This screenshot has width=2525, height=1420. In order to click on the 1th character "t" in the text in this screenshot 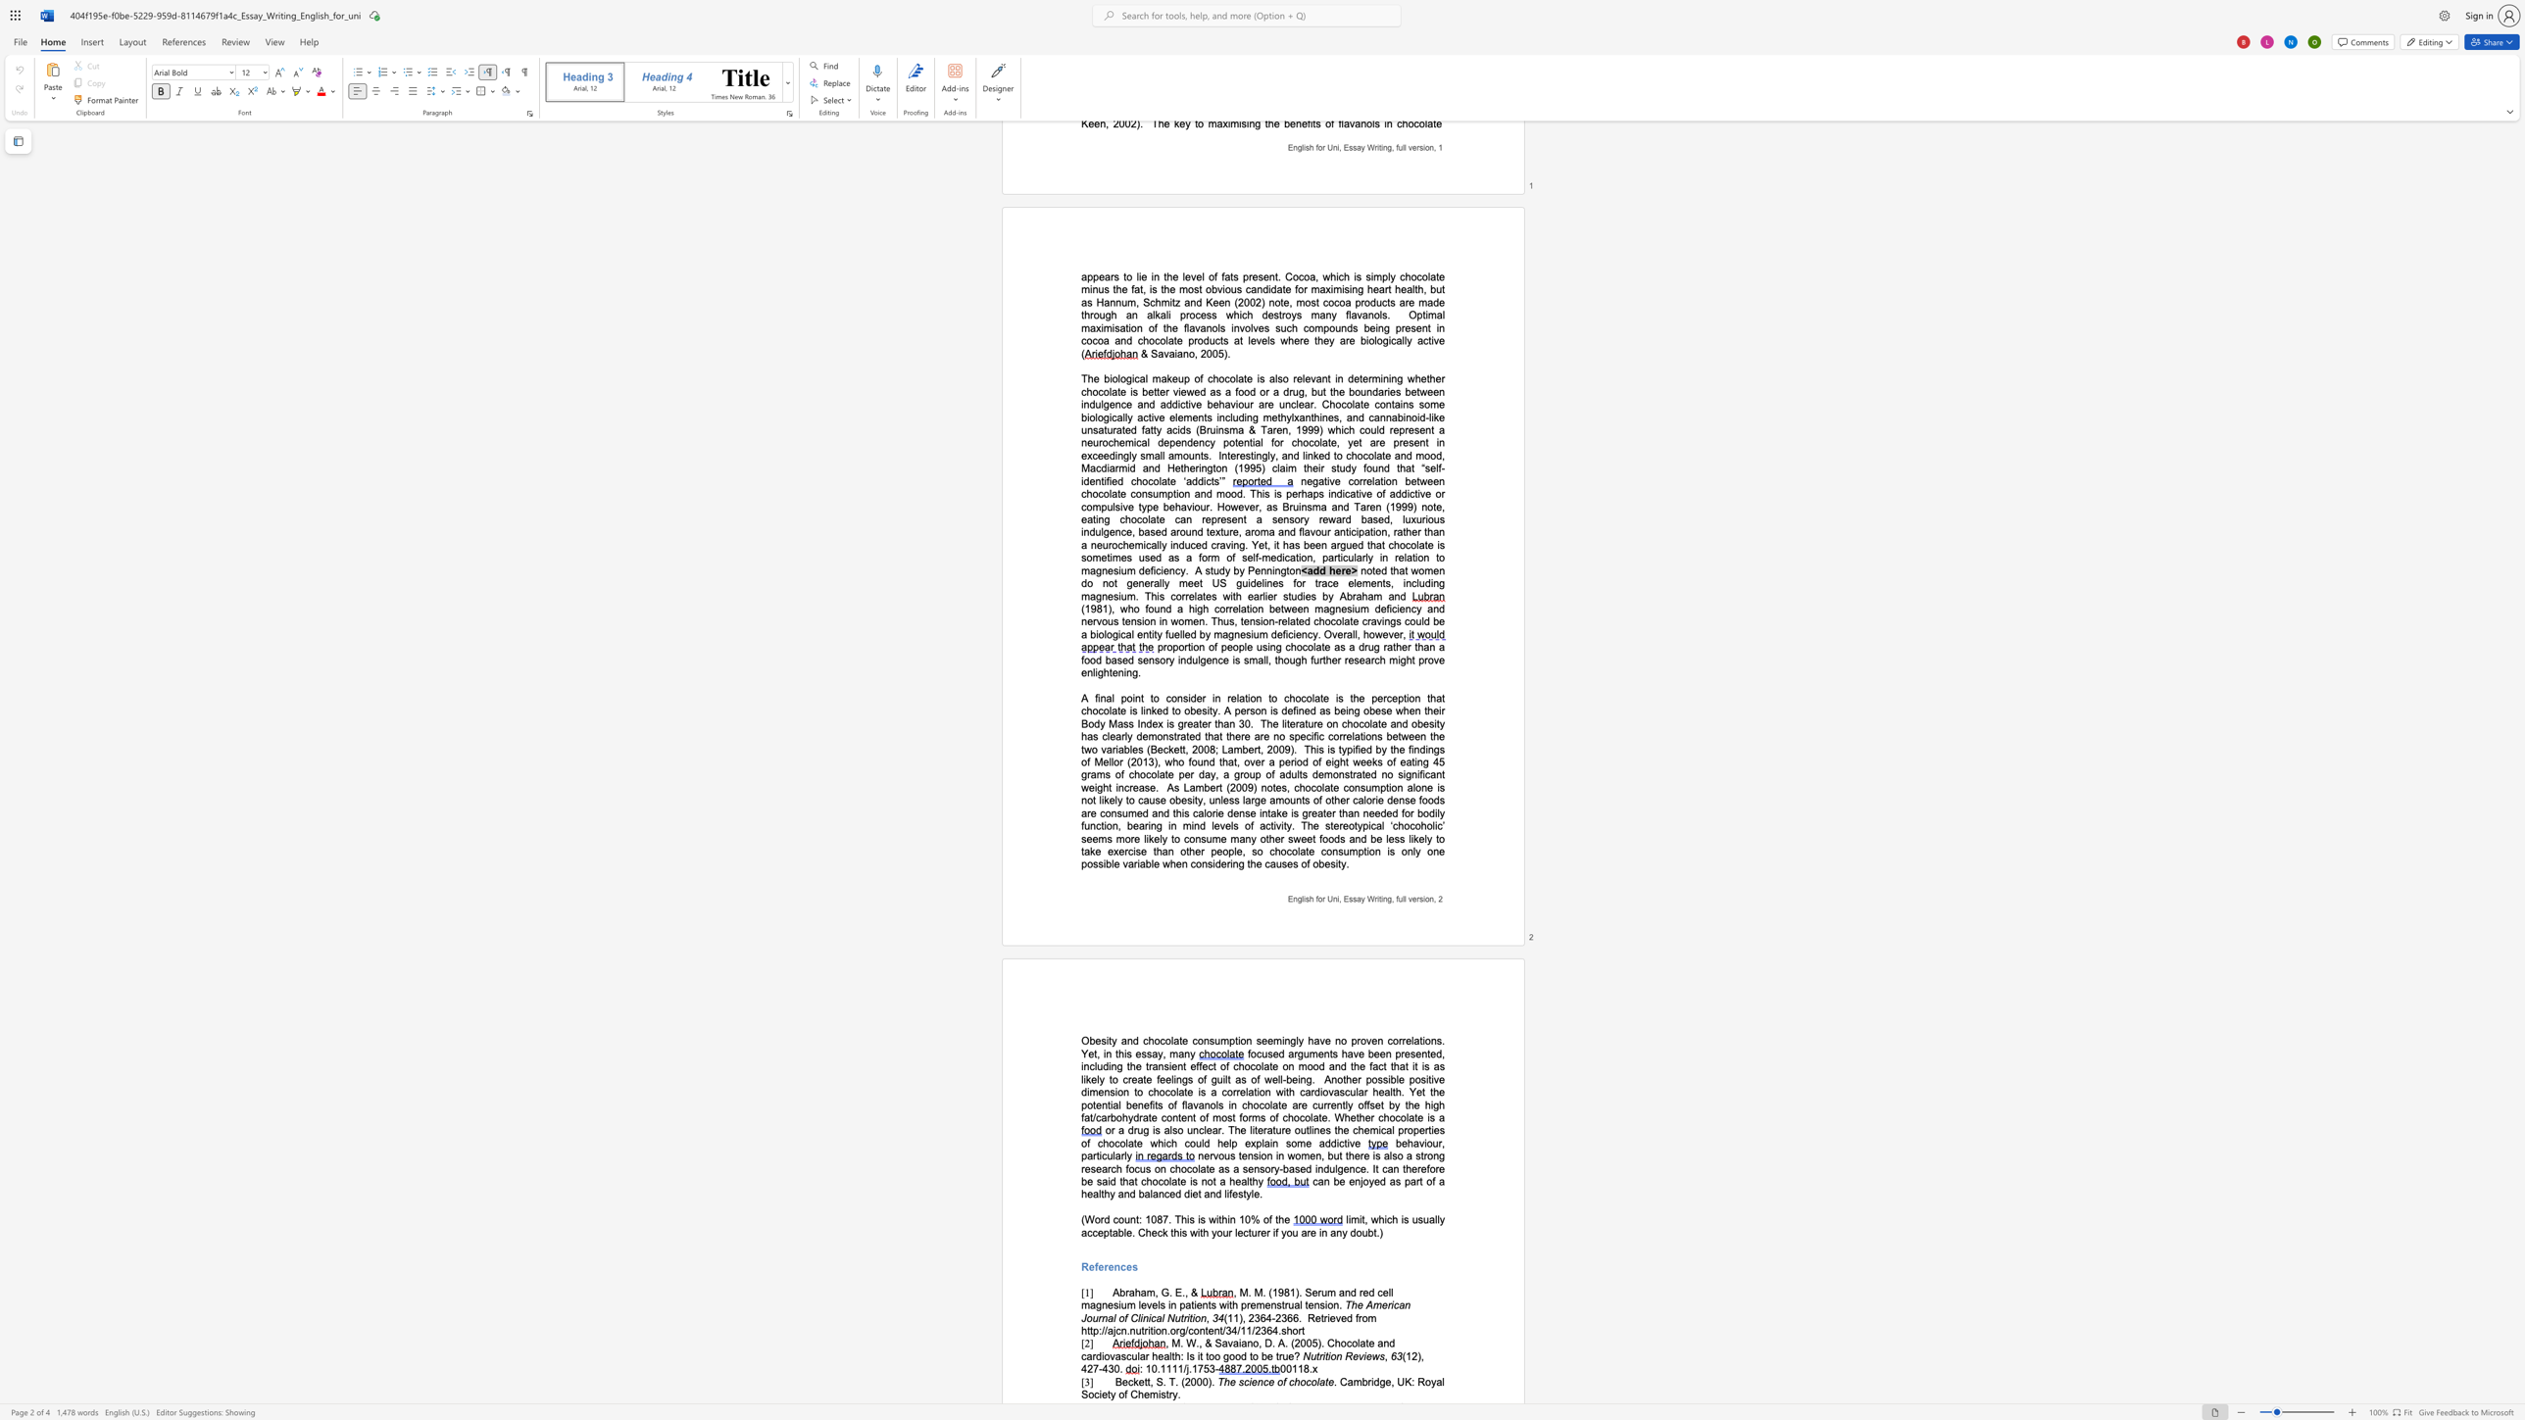, I will do `click(1317, 1356)`.